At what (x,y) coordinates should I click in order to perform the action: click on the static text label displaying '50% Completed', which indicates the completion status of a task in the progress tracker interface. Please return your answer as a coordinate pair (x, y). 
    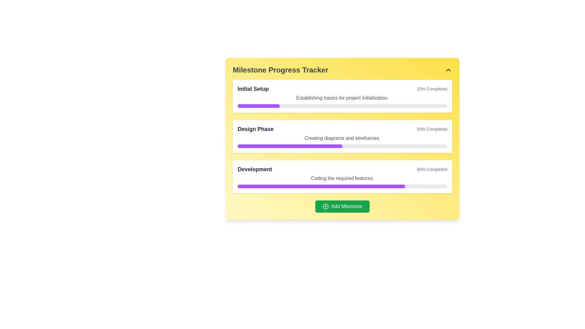
    Looking at the image, I should click on (432, 129).